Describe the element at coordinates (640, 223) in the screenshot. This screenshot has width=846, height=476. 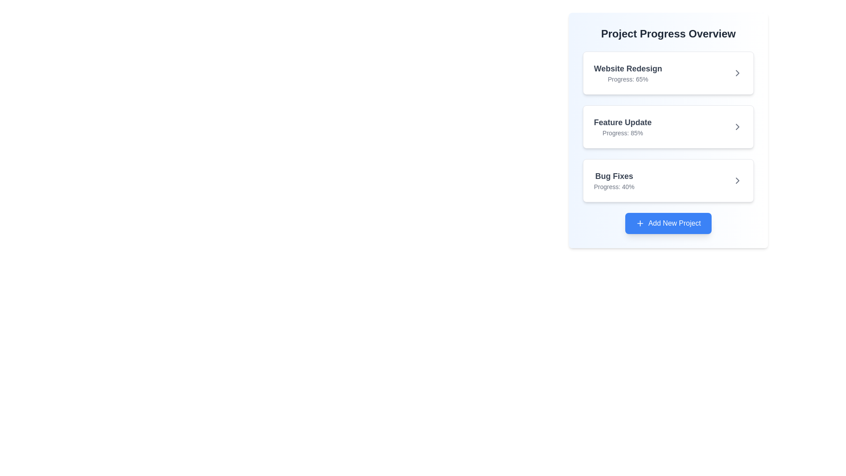
I see `the SVG details of the plus icon located on the blue button labeled 'Add New Project' at the bottom-right corner of the 'Project Progress Overview' card` at that location.